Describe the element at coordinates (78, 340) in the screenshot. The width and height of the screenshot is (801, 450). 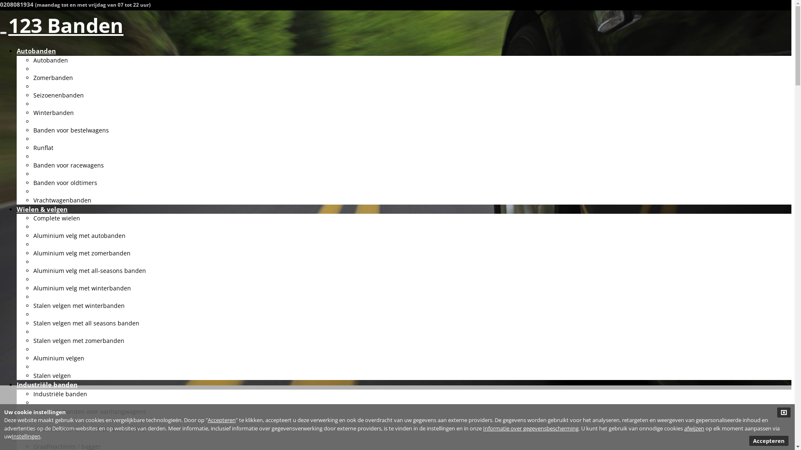
I see `'Stalen velgen met zomerbanden'` at that location.